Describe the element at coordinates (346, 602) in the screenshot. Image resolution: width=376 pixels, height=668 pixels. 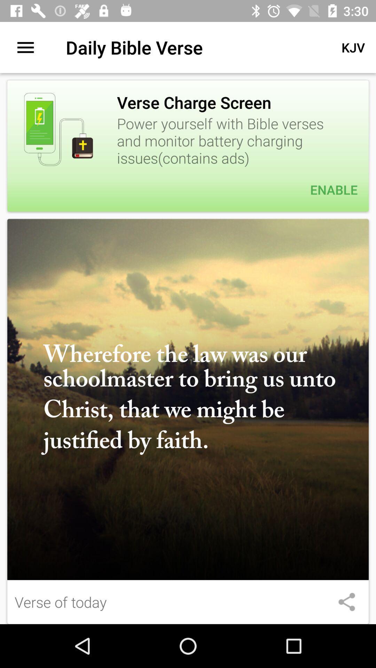
I see `the item next to the verse of today item` at that location.